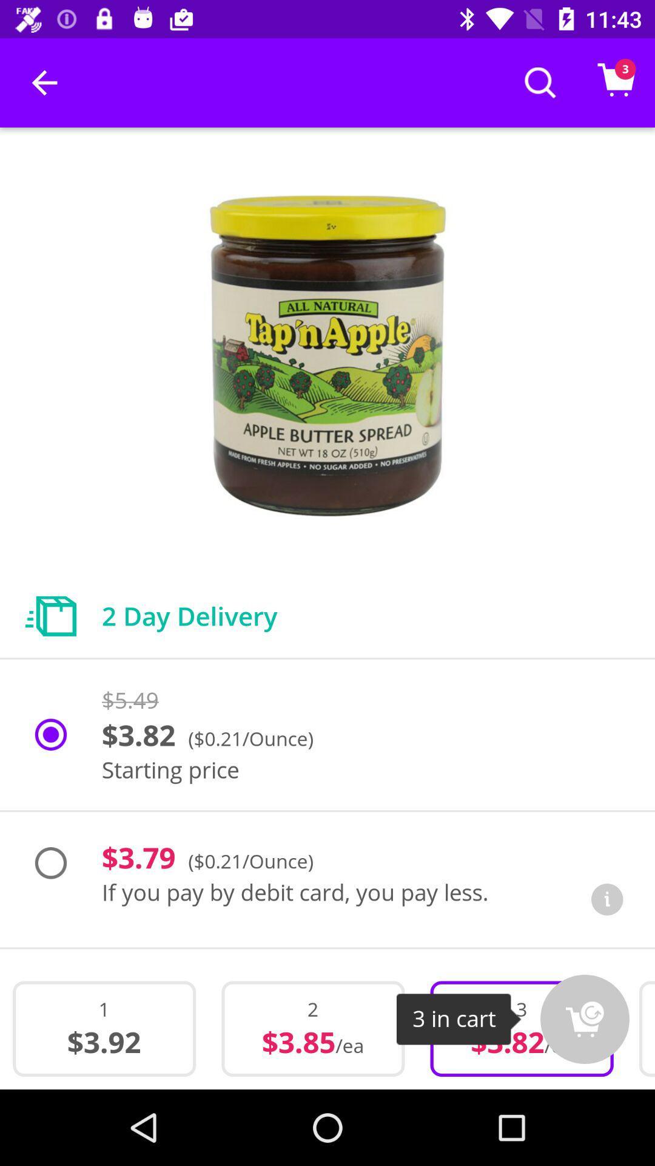 The height and width of the screenshot is (1166, 655). I want to click on item at the top left corner, so click(44, 82).